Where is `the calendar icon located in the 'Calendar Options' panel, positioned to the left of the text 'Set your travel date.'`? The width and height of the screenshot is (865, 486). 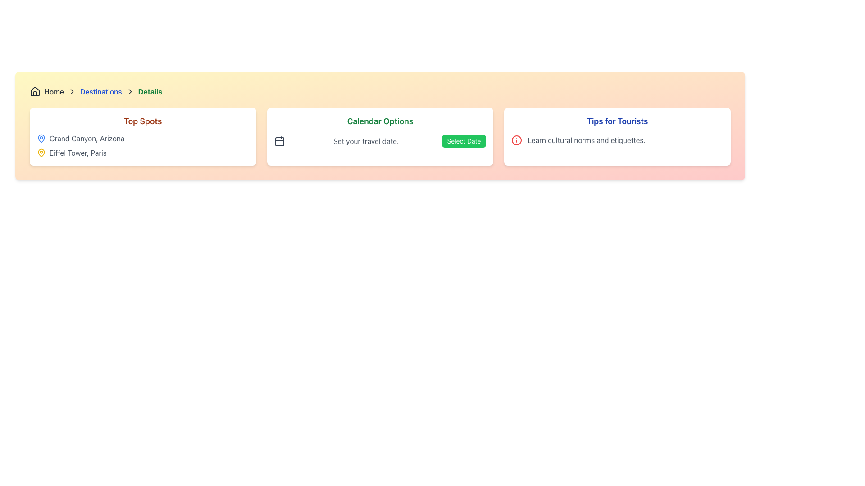 the calendar icon located in the 'Calendar Options' panel, positioned to the left of the text 'Set your travel date.' is located at coordinates (279, 142).